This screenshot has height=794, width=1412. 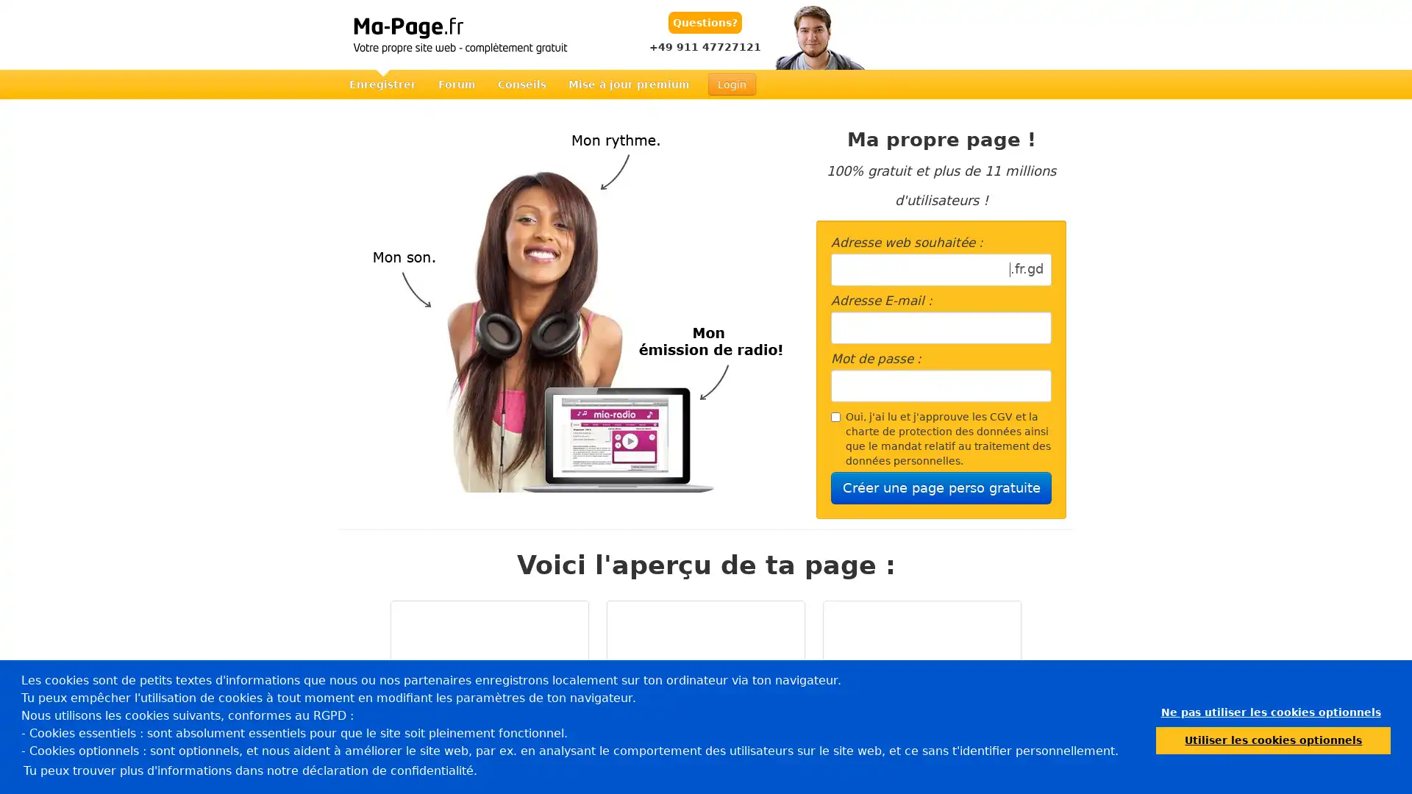 I want to click on allow cookies, so click(x=1272, y=740).